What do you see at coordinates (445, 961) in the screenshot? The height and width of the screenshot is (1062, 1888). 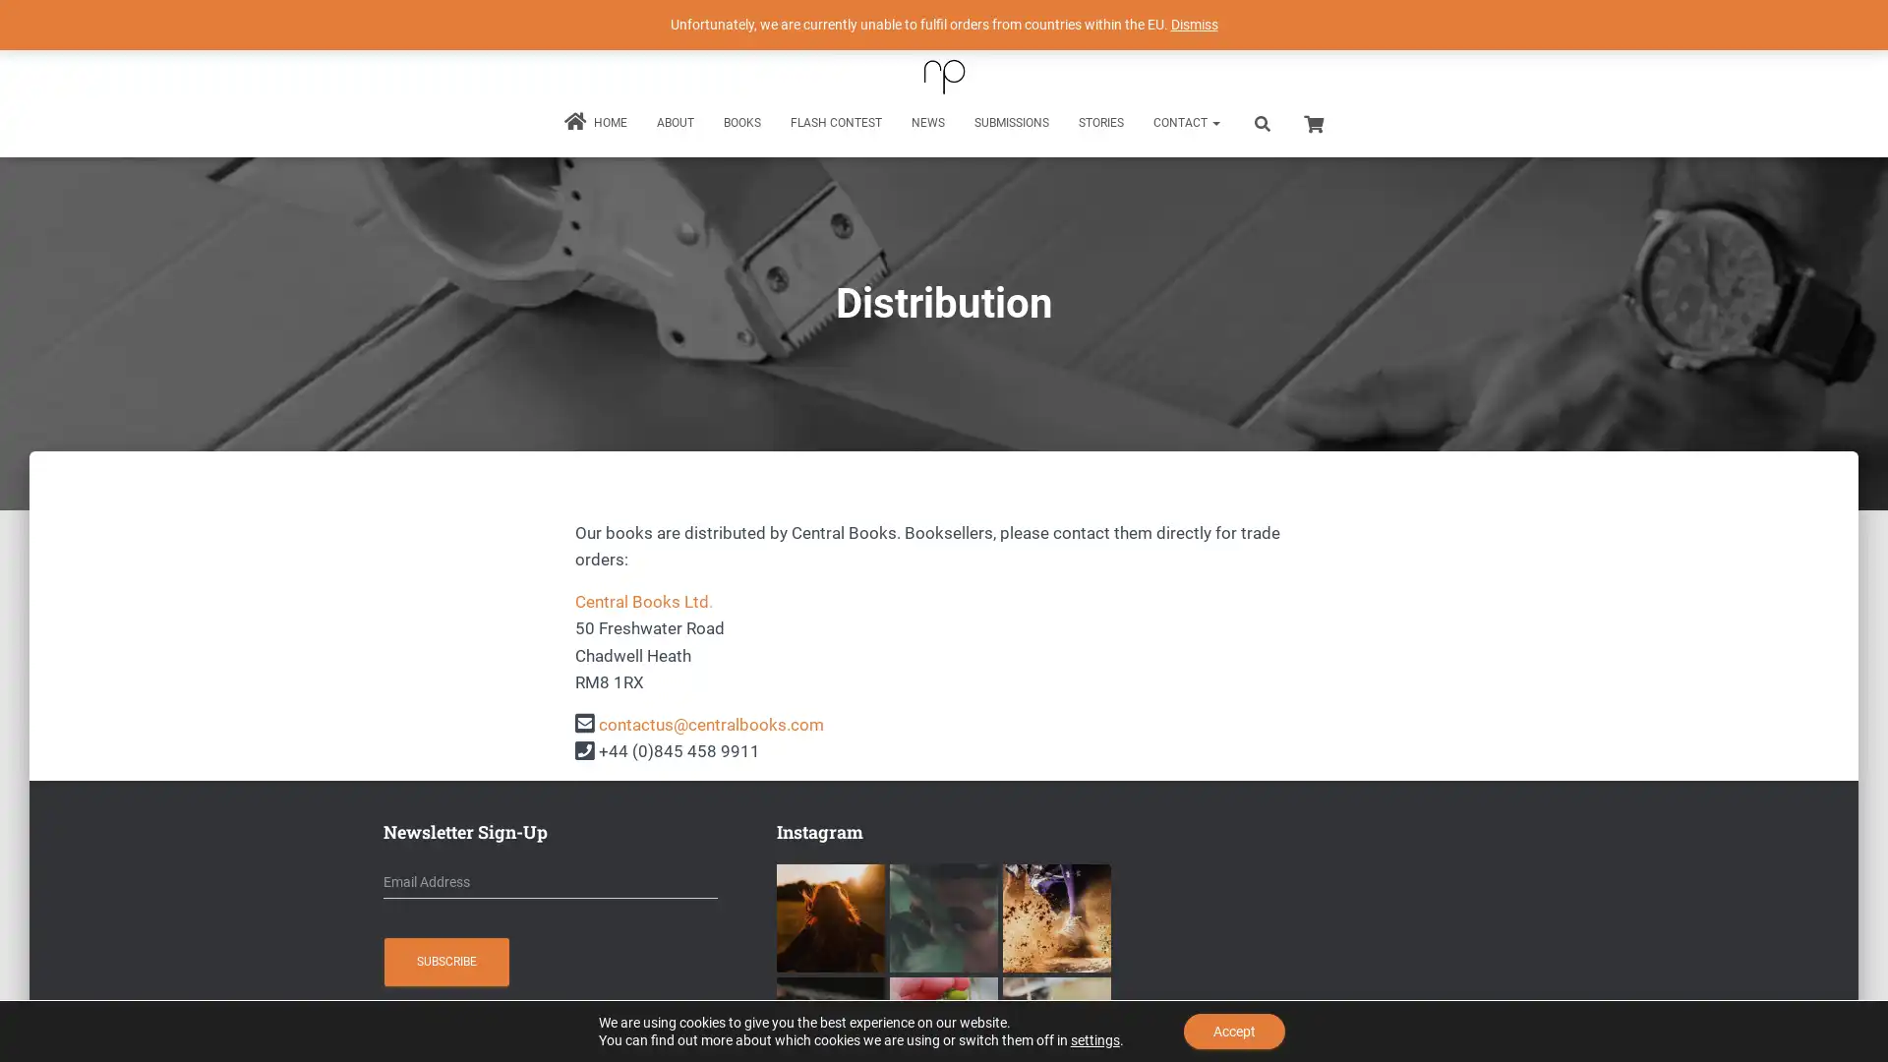 I see `Subscribe` at bounding box center [445, 961].